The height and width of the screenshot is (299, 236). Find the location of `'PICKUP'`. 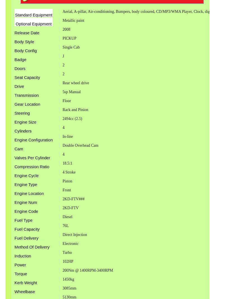

'PICKUP' is located at coordinates (62, 38).